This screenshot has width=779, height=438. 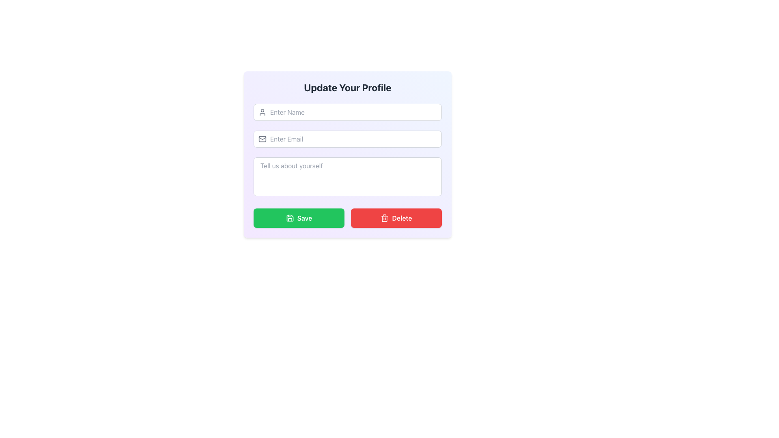 What do you see at coordinates (384, 217) in the screenshot?
I see `the trash icon within the red 'Delete' button located at the bottom-right corner of the form` at bounding box center [384, 217].